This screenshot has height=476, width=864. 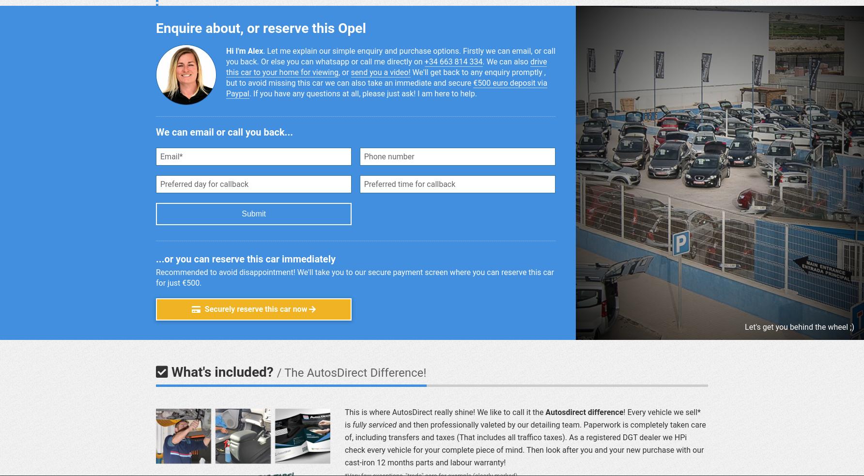 What do you see at coordinates (156, 277) in the screenshot?
I see `'Re­com­men­ded to avoid dis­ap­point­ment! We'll take you to our se­cure pay­ment screen where you can re­serve this car for just €500.'` at bounding box center [156, 277].